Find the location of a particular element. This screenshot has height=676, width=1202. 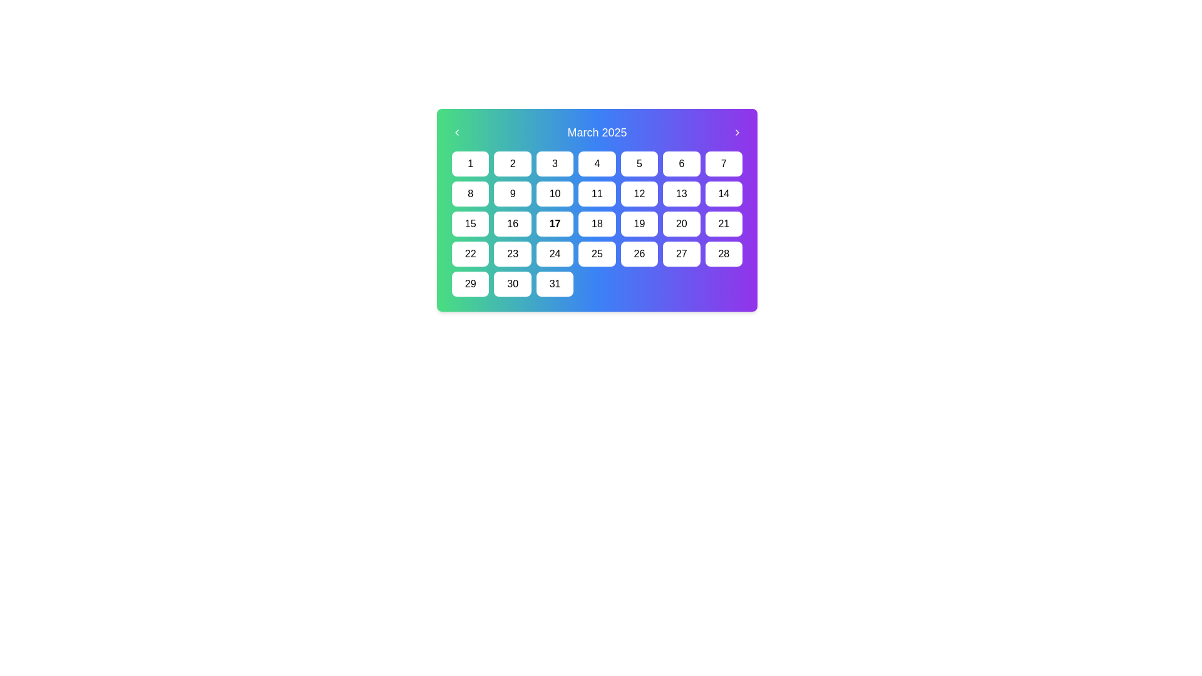

the date within the March 2025 calendar widget to perform an action is located at coordinates (597, 209).